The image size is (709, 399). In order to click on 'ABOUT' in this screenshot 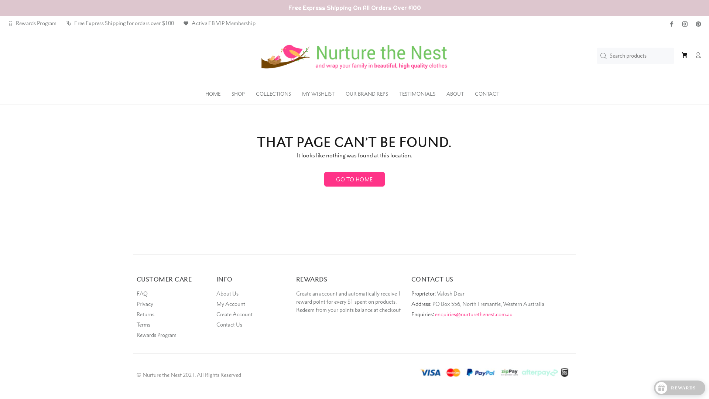, I will do `click(455, 92)`.